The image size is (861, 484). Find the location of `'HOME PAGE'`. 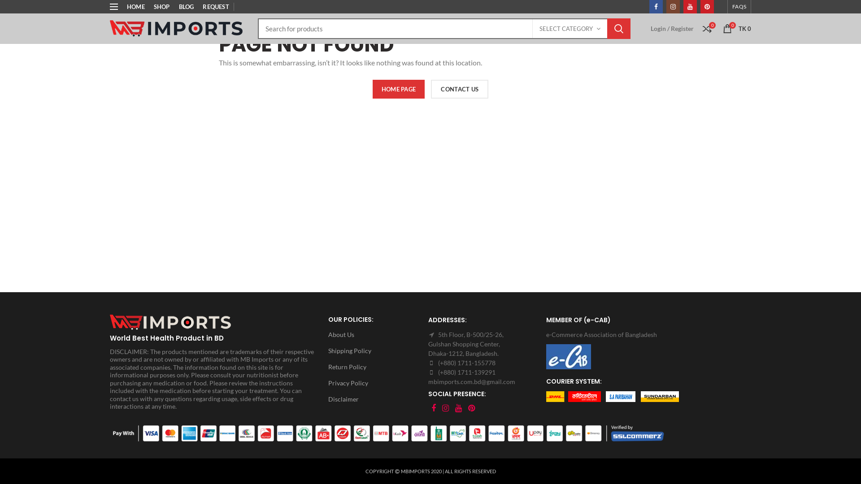

'HOME PAGE' is located at coordinates (398, 89).